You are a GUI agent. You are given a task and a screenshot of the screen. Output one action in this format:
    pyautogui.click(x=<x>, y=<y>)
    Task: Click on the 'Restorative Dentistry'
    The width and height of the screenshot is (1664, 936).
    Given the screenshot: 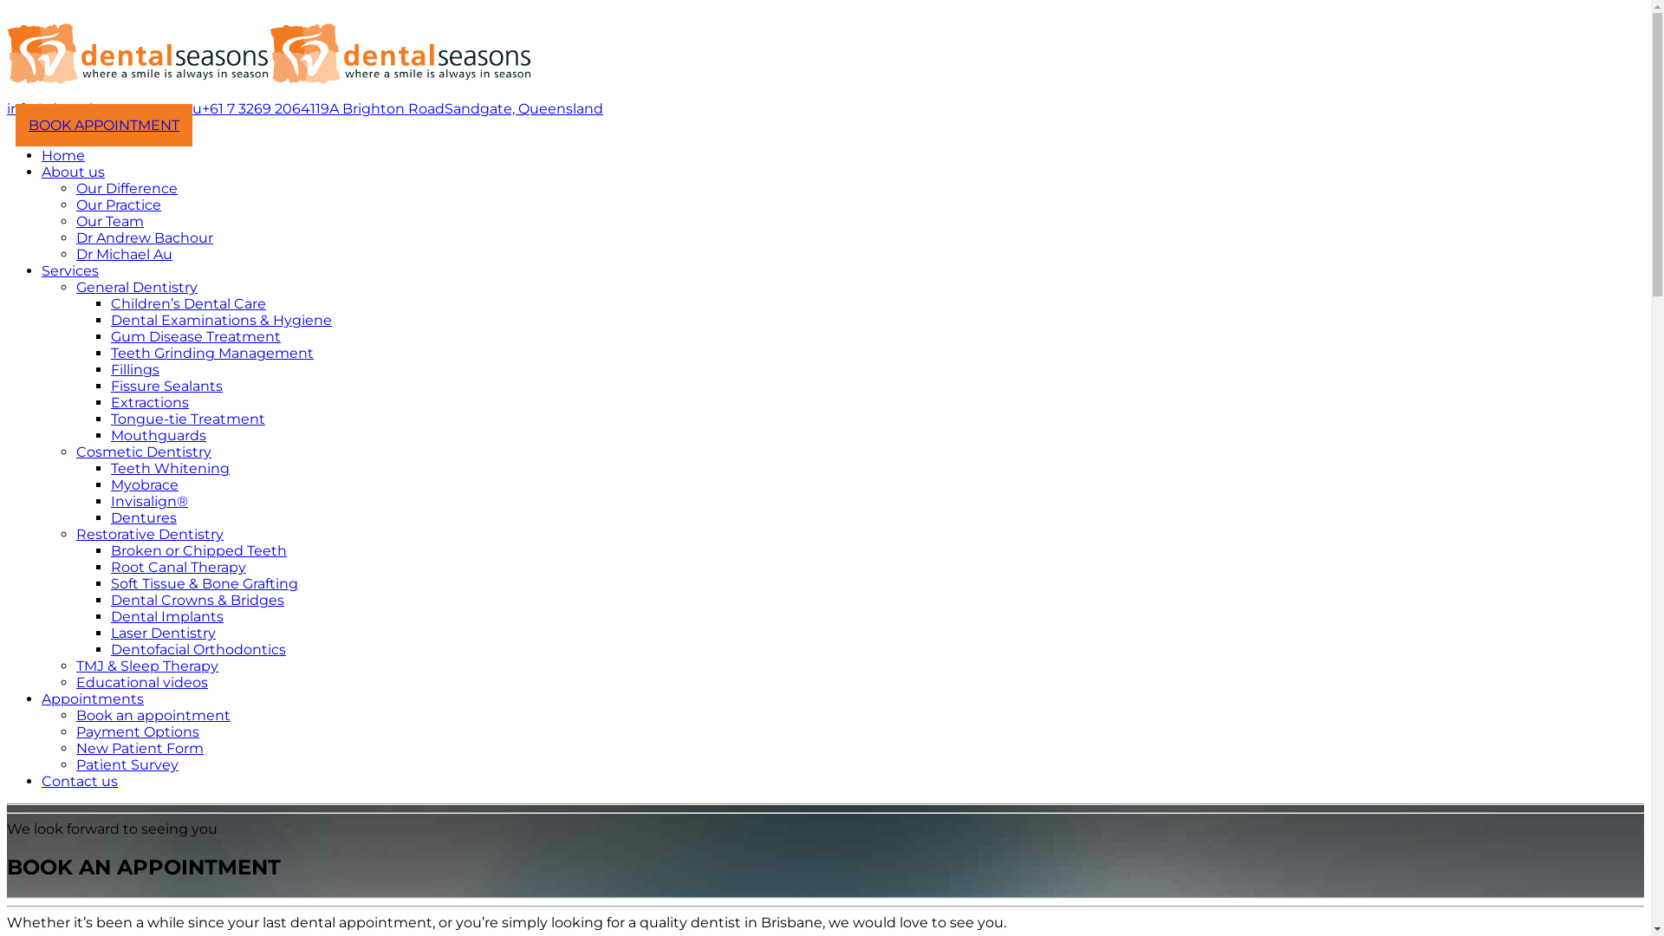 What is the action you would take?
    pyautogui.click(x=149, y=533)
    